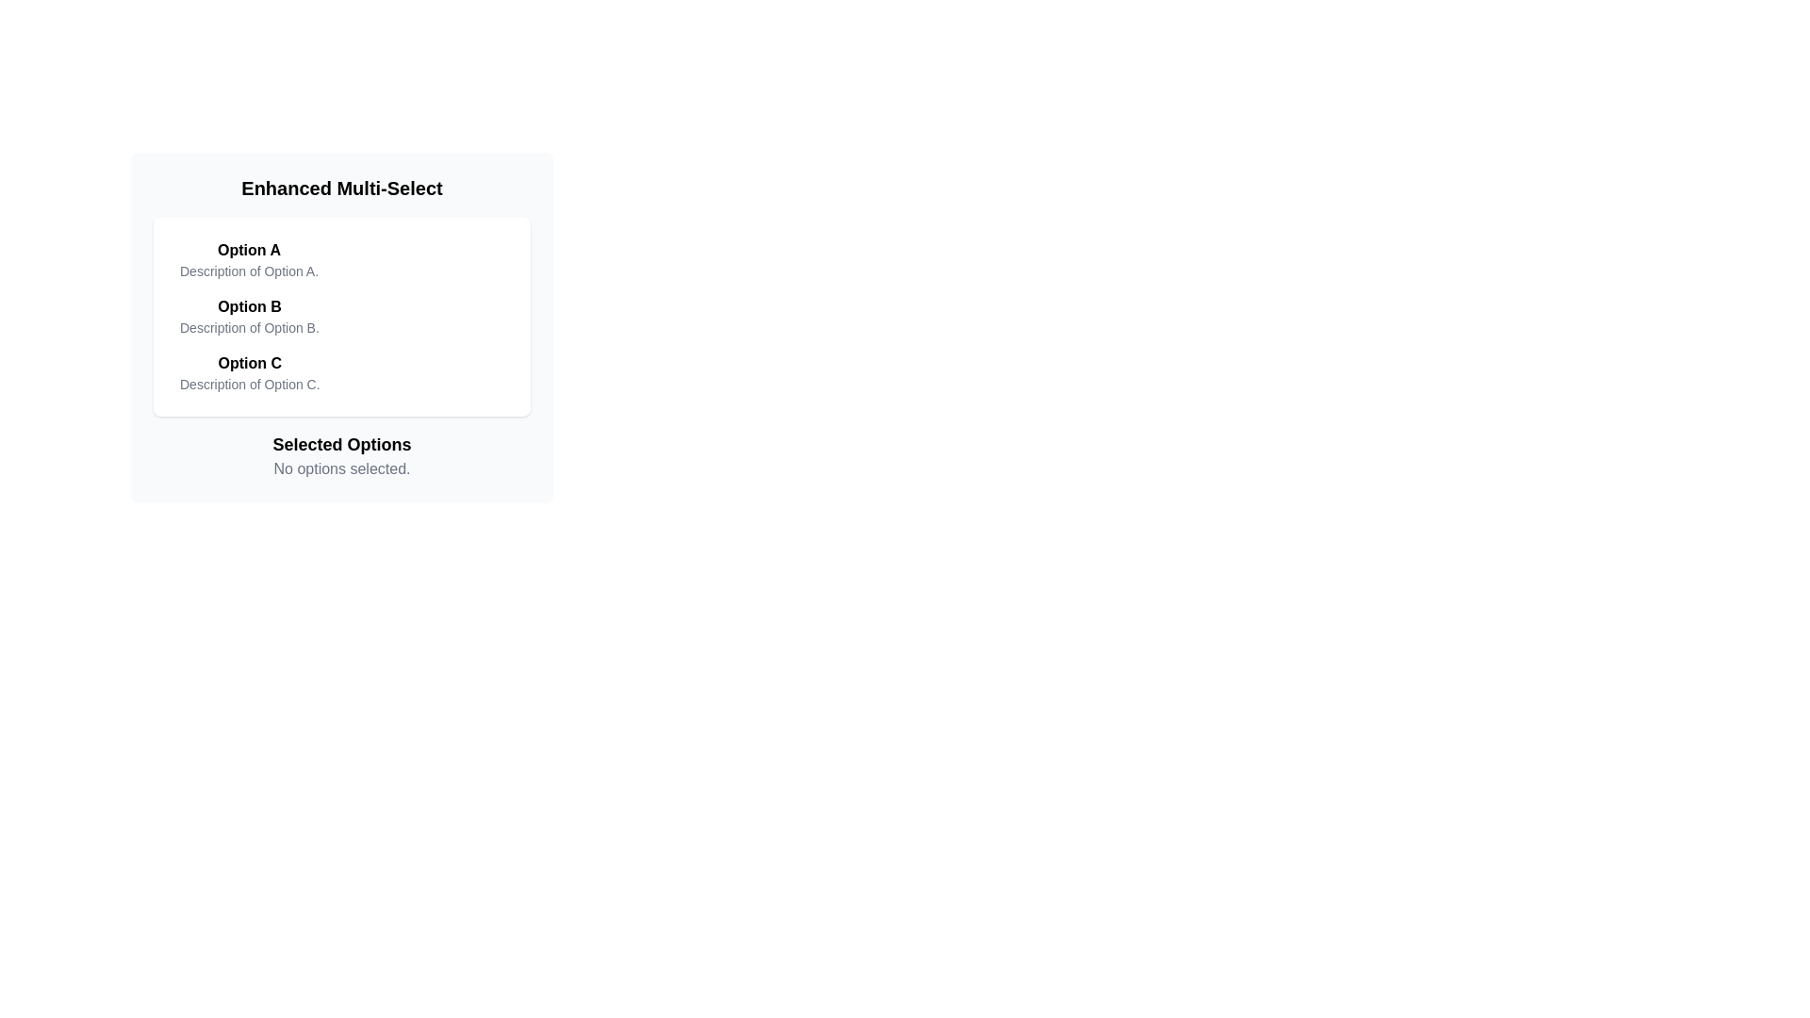 The image size is (1810, 1018). What do you see at coordinates (249, 373) in the screenshot?
I see `the third option` at bounding box center [249, 373].